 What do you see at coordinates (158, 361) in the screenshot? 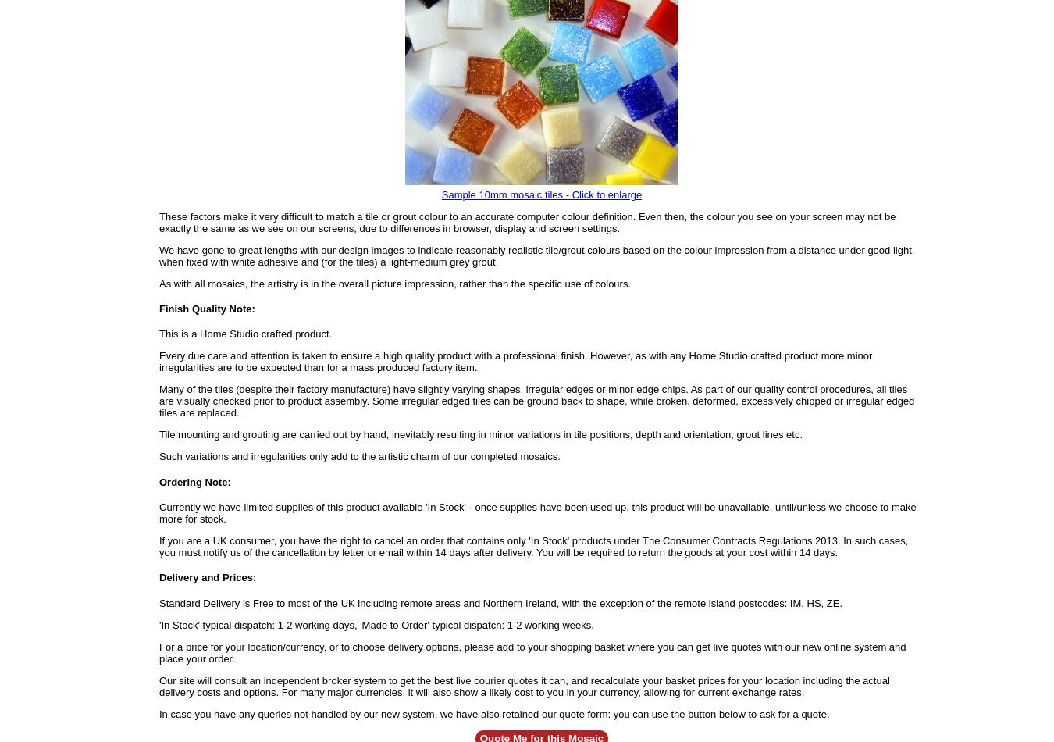
I see `'Every due care and attention is taken to ensure a high quality product with a professional finish. However, as with any Home Studio crafted product more minor irregularities are to be expected than for a mass produced factory item.'` at bounding box center [158, 361].